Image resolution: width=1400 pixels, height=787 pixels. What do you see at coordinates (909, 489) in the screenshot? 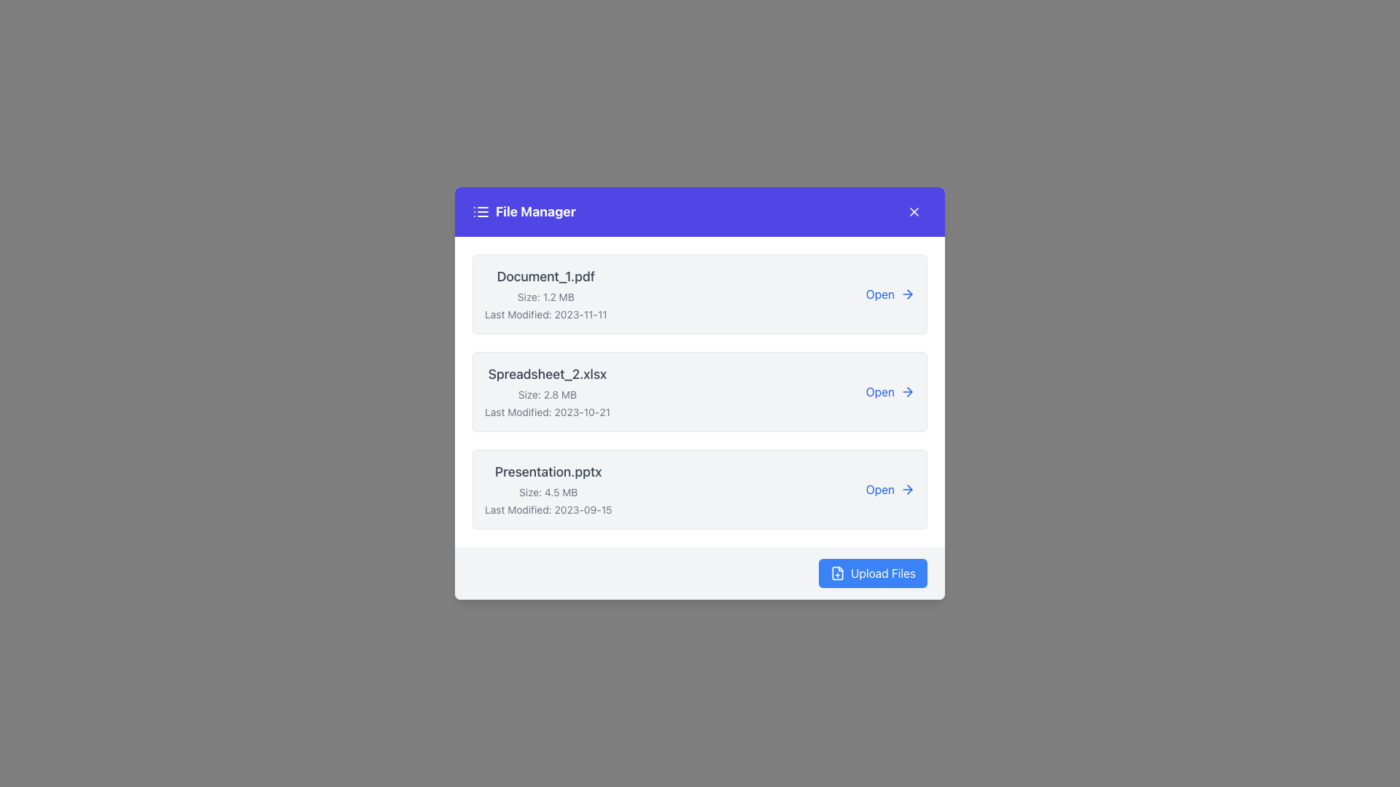
I see `the icon button located to the right of the 'Open' label for the last listed file entry 'Presentation.pptx'` at bounding box center [909, 489].